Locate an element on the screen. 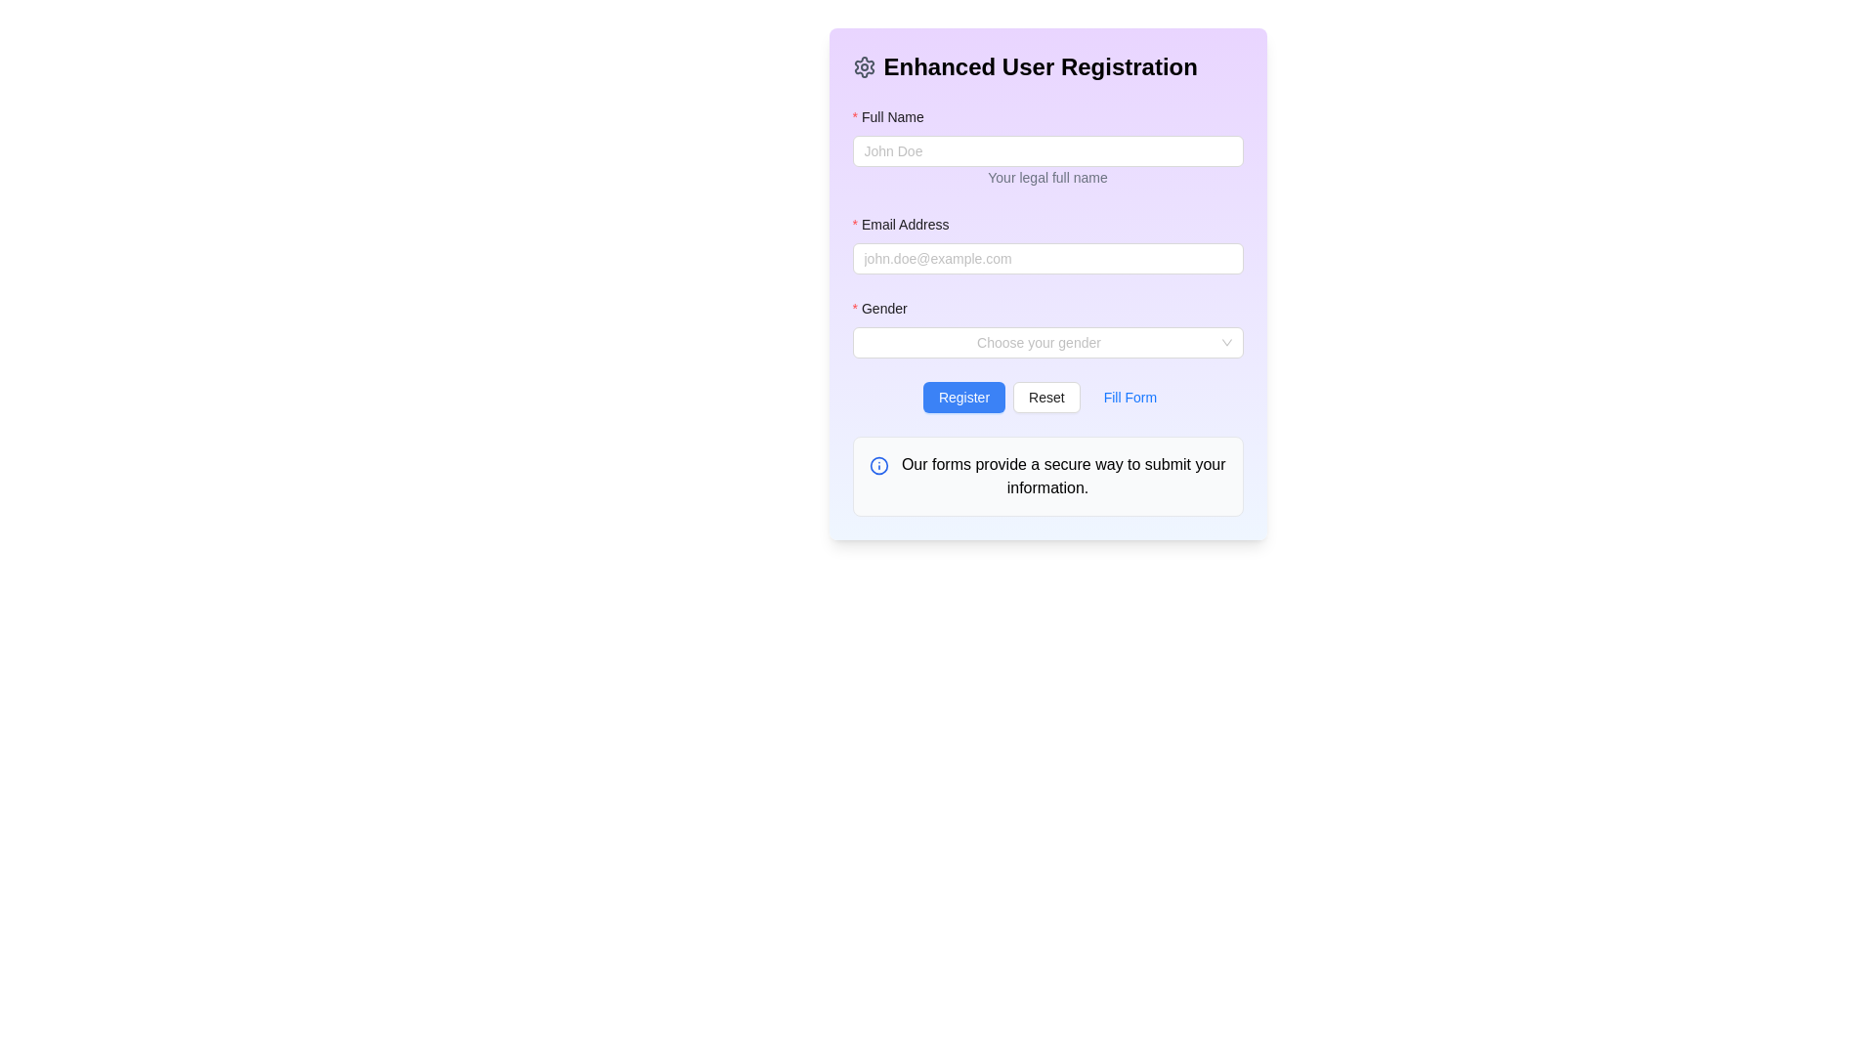 This screenshot has width=1876, height=1055. the reset button located between the 'Register' and 'Fill Form' buttons is located at coordinates (1046, 397).